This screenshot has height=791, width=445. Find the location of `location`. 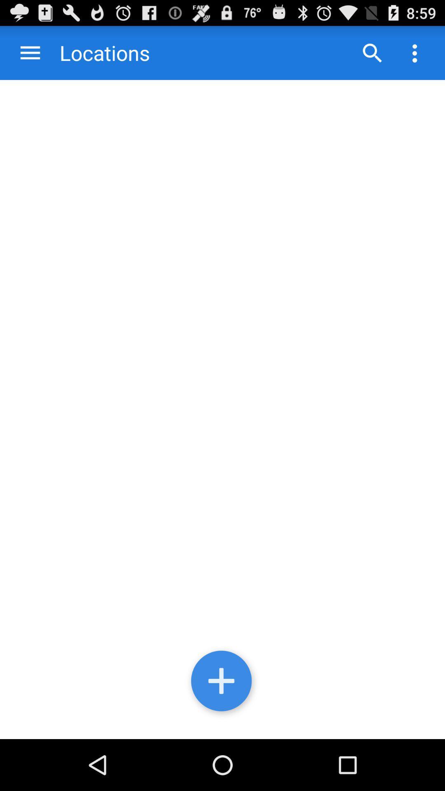

location is located at coordinates (222, 683).